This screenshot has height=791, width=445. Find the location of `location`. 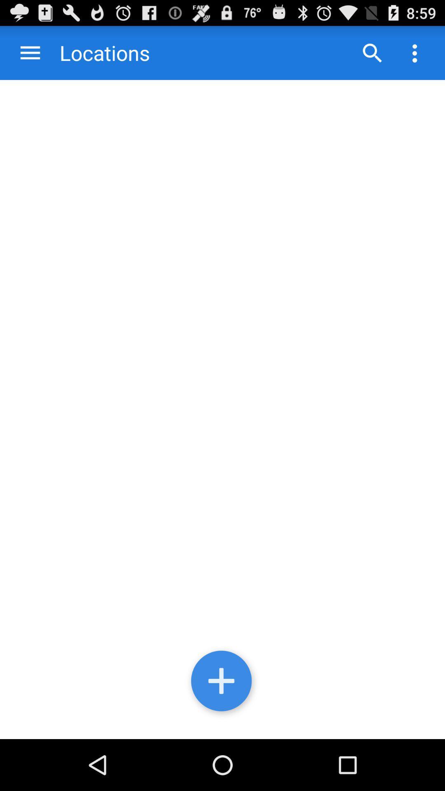

location is located at coordinates (222, 683).